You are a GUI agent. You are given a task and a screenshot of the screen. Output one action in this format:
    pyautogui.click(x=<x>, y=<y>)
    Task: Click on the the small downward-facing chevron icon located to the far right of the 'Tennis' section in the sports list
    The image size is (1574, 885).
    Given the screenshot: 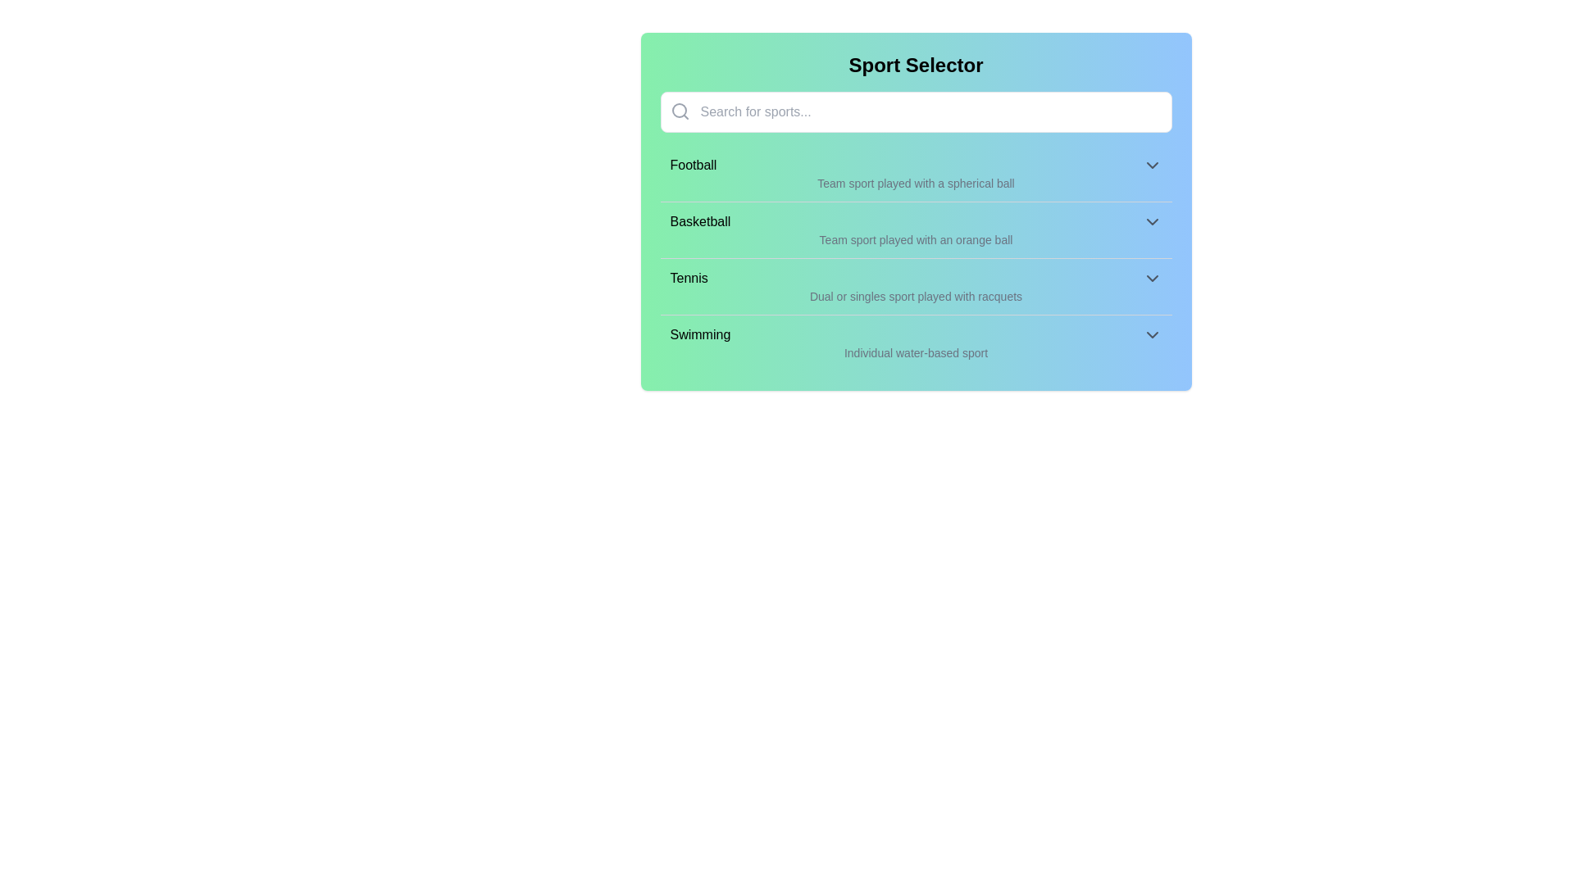 What is the action you would take?
    pyautogui.click(x=1151, y=277)
    